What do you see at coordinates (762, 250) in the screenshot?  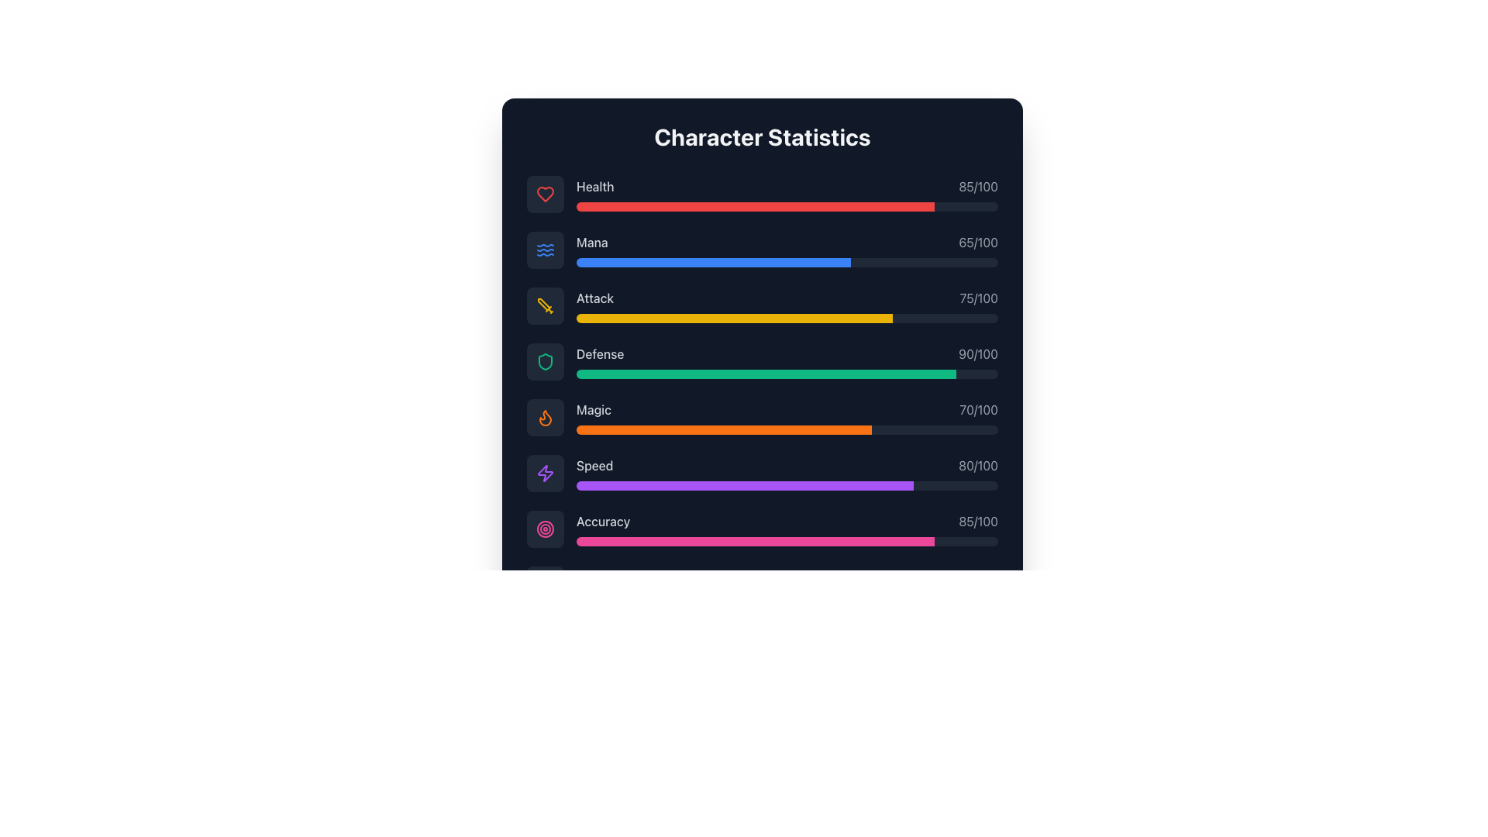 I see `the 'Mana' progress bar, which displays a numerical value and a visual representation of the 'Mana' attribute, positioned below the 'Health' section and above the 'Attack' section` at bounding box center [762, 250].